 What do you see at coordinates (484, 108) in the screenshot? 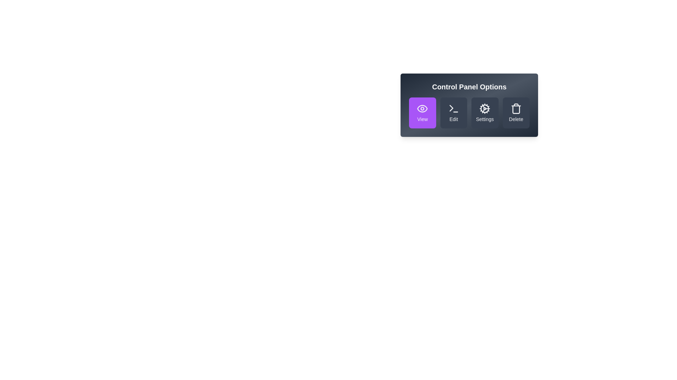
I see `the settings icon located between the 'Edit' and 'Delete' buttons in the control panel` at bounding box center [484, 108].